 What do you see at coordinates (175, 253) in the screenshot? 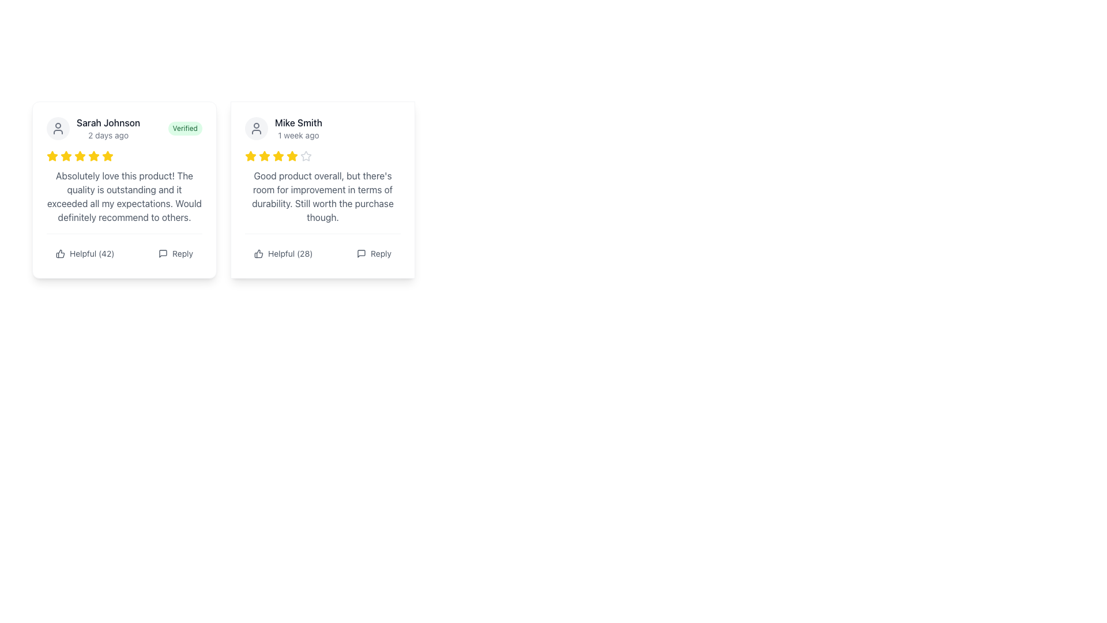
I see `the reply button located at the bottom-right of the left review card` at bounding box center [175, 253].